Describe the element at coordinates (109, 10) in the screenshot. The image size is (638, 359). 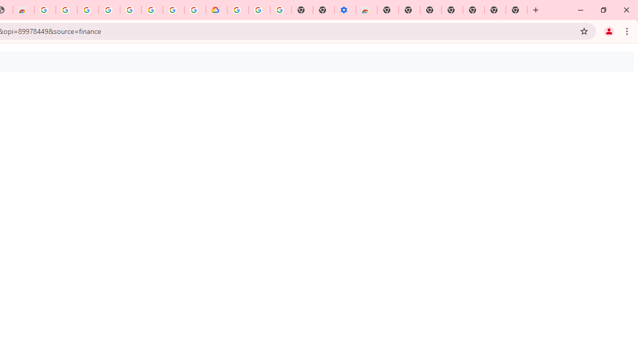
I see `'Sign in - Google Accounts'` at that location.